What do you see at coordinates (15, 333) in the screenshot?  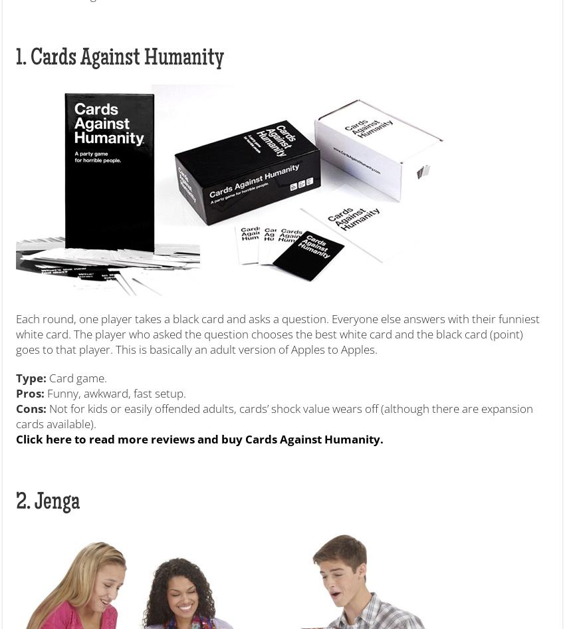 I see `'Each round, one player takes a black card and asks a question. Everyone else answers with their funniest white card. The player who asked the question chooses the best white card and the black card (point) goes to that player. This is basically an adult version of Apples to Apples.'` at bounding box center [15, 333].